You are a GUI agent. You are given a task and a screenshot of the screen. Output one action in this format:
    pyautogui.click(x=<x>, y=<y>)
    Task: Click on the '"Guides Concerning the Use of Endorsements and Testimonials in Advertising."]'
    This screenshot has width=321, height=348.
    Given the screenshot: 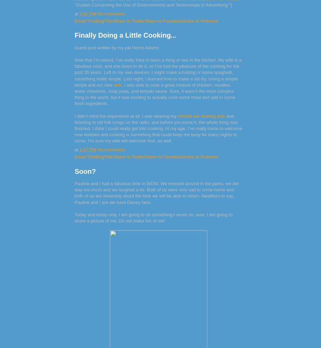 What is the action you would take?
    pyautogui.click(x=74, y=4)
    